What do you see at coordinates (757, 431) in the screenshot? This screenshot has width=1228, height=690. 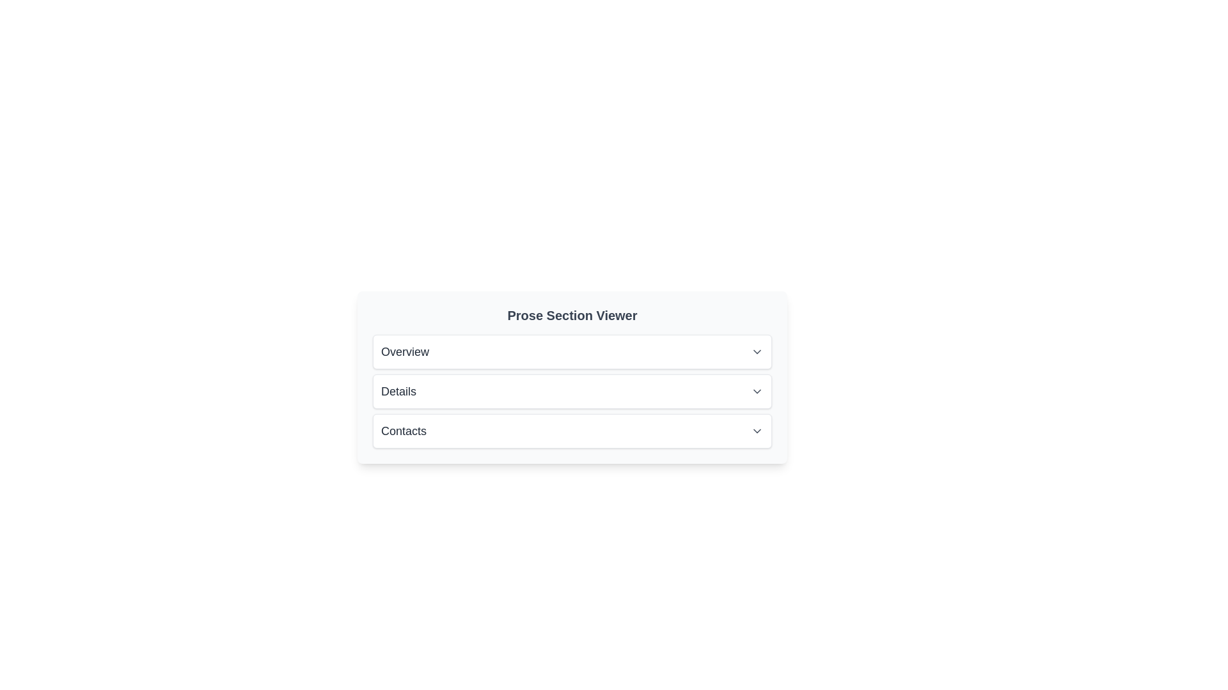 I see `the Dropdown indicator (chevron icon) next to the 'Contacts' section` at bounding box center [757, 431].